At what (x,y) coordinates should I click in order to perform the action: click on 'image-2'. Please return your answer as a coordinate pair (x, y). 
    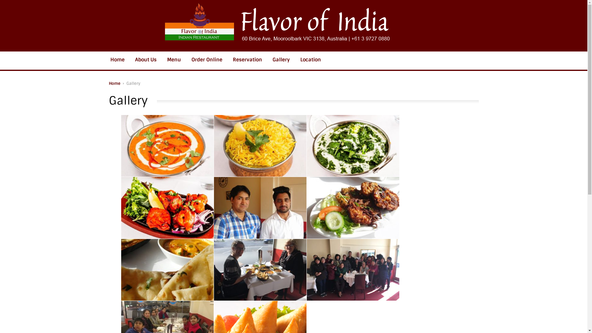
    Looking at the image, I should click on (260, 146).